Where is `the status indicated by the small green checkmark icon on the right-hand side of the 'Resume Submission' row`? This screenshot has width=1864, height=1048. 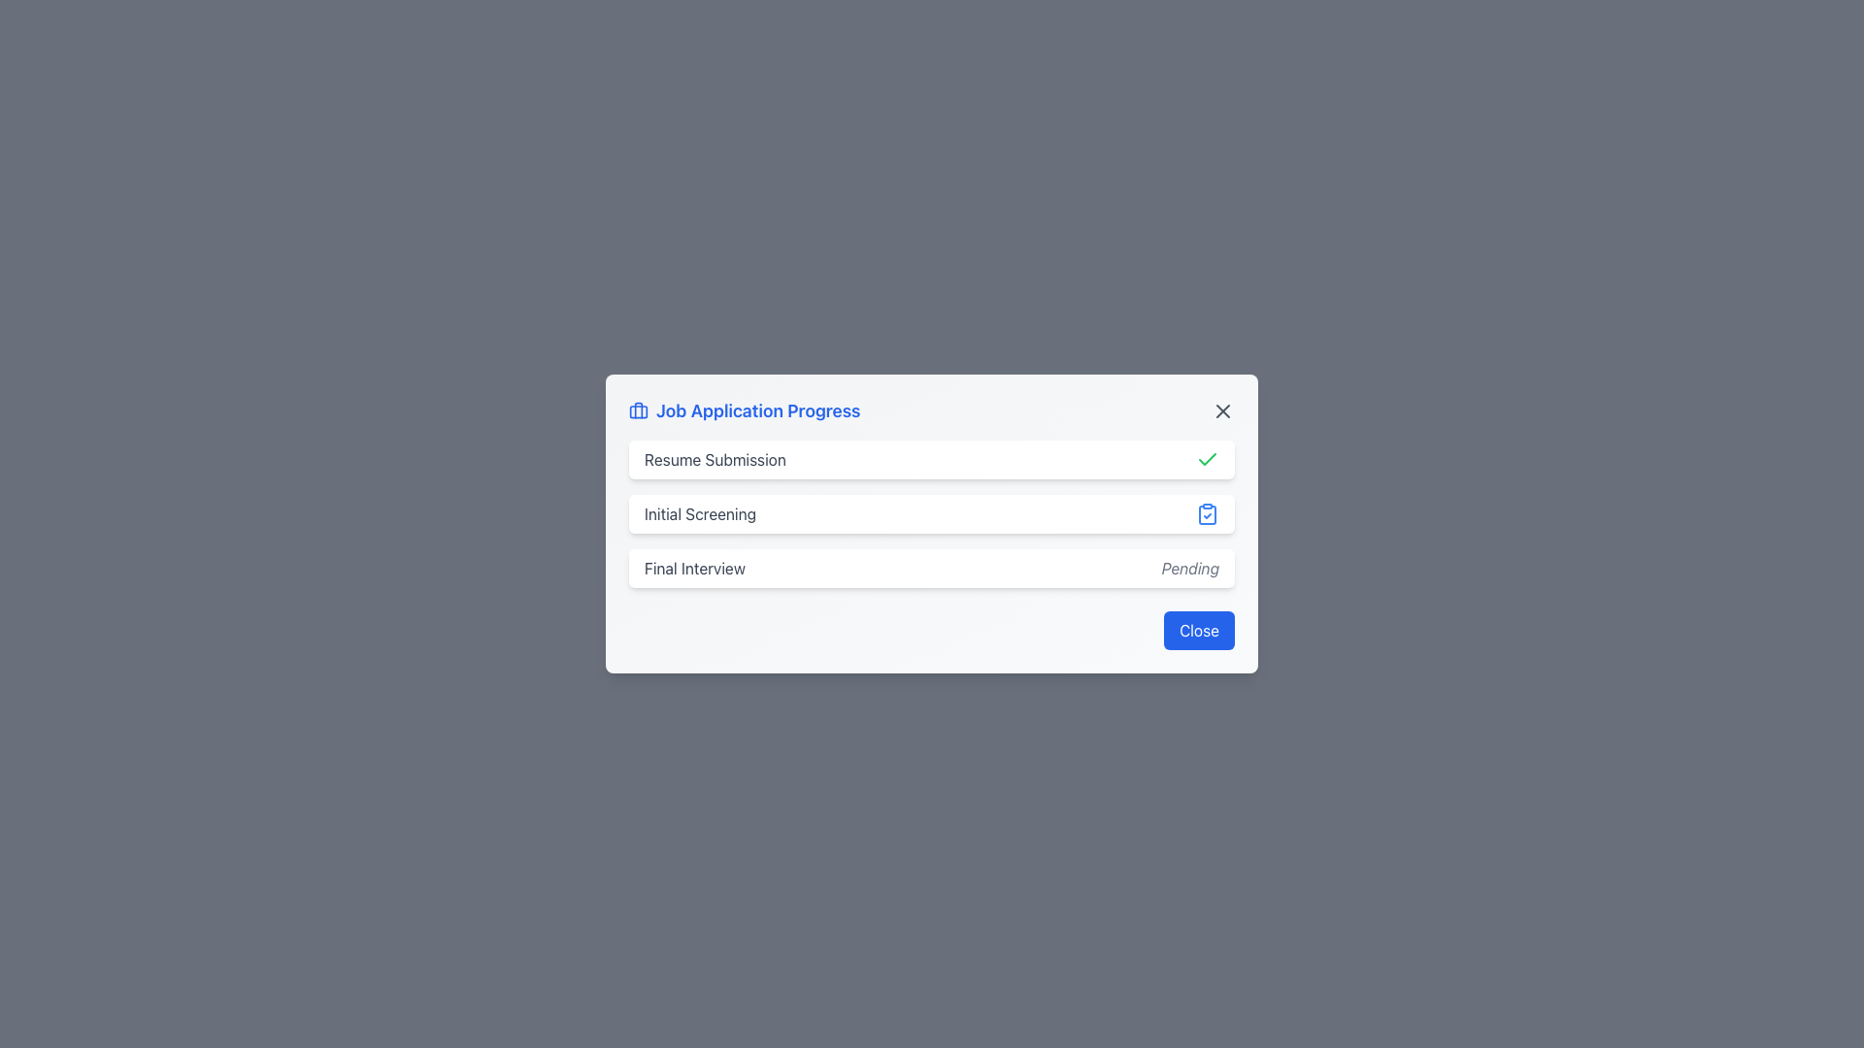 the status indicated by the small green checkmark icon on the right-hand side of the 'Resume Submission' row is located at coordinates (1206, 460).